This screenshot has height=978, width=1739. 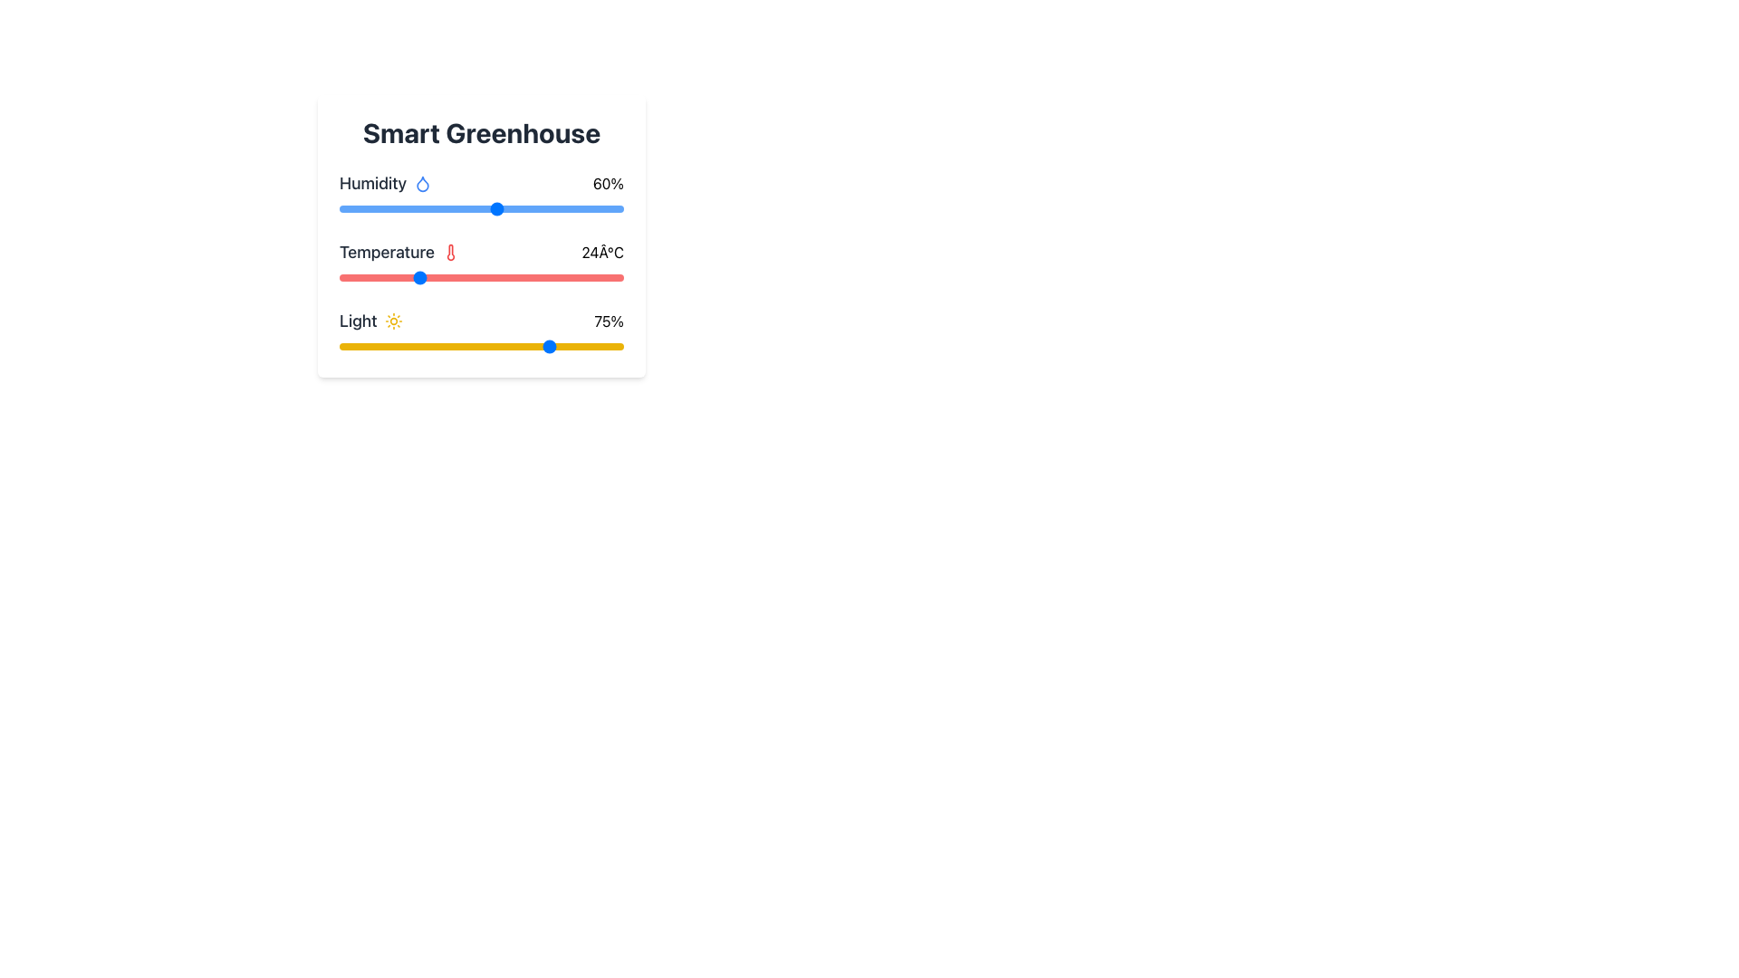 What do you see at coordinates (482, 278) in the screenshot?
I see `to select a point on the Range slider located below the 'Temperature' label and the '24°C' reading in the 'Smart Greenhouse' panel` at bounding box center [482, 278].